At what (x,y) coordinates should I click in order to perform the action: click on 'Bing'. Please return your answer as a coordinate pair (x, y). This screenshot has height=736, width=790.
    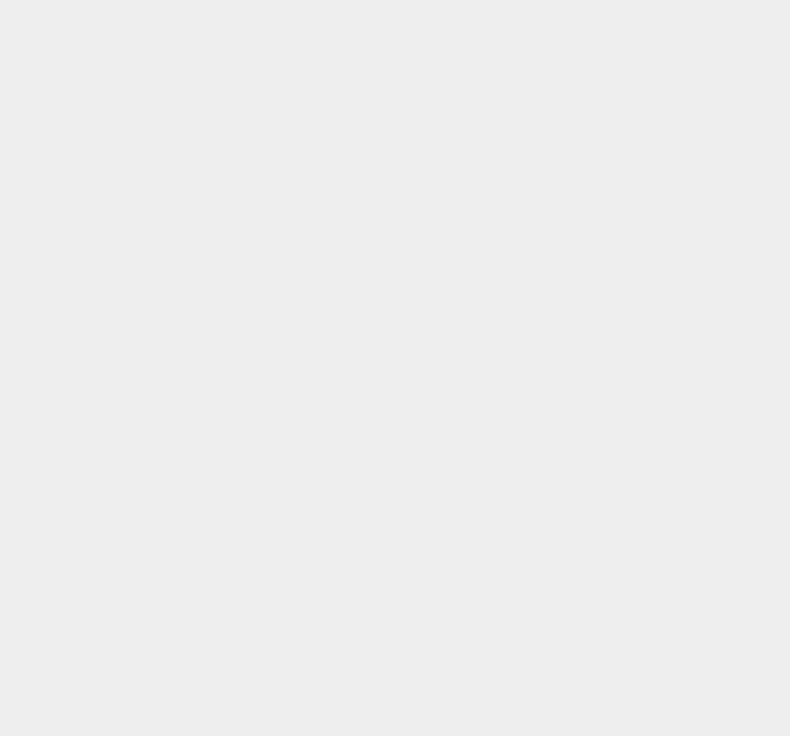
    Looking at the image, I should click on (567, 35).